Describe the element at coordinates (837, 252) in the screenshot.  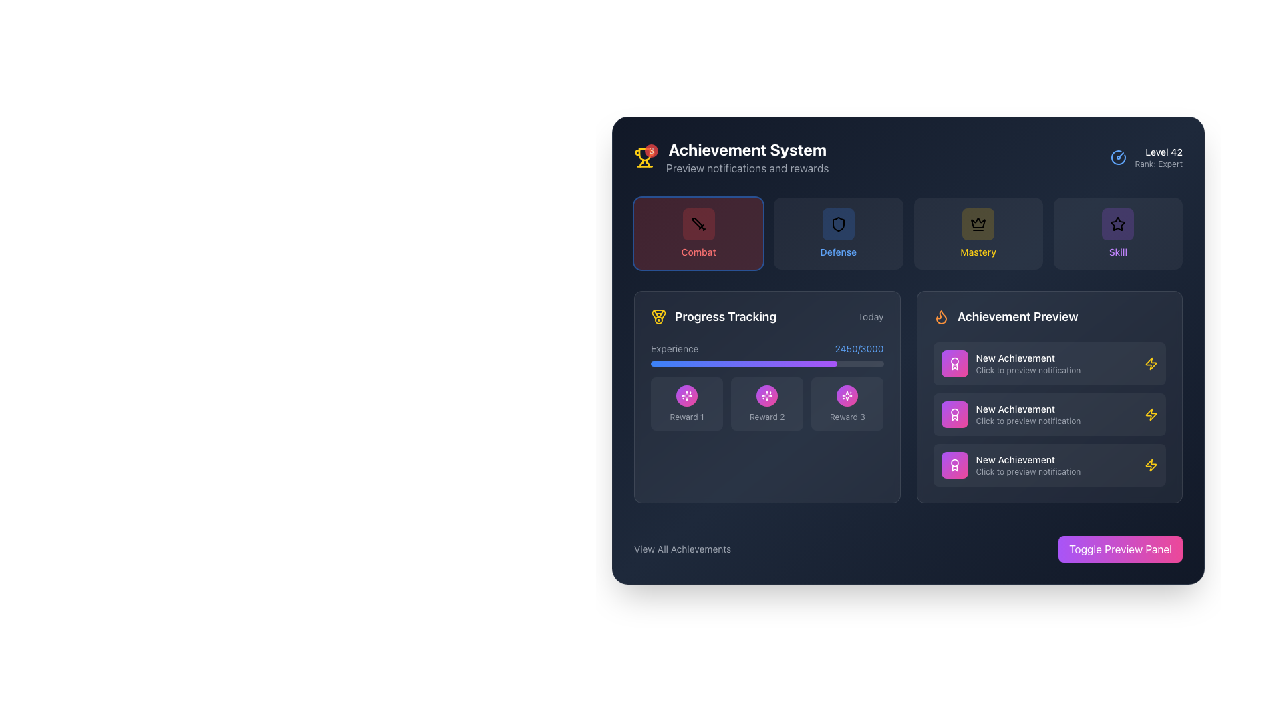
I see `the 'Defense' text label, which is styled in light blue and positioned below a shield icon in the top-action pane` at that location.